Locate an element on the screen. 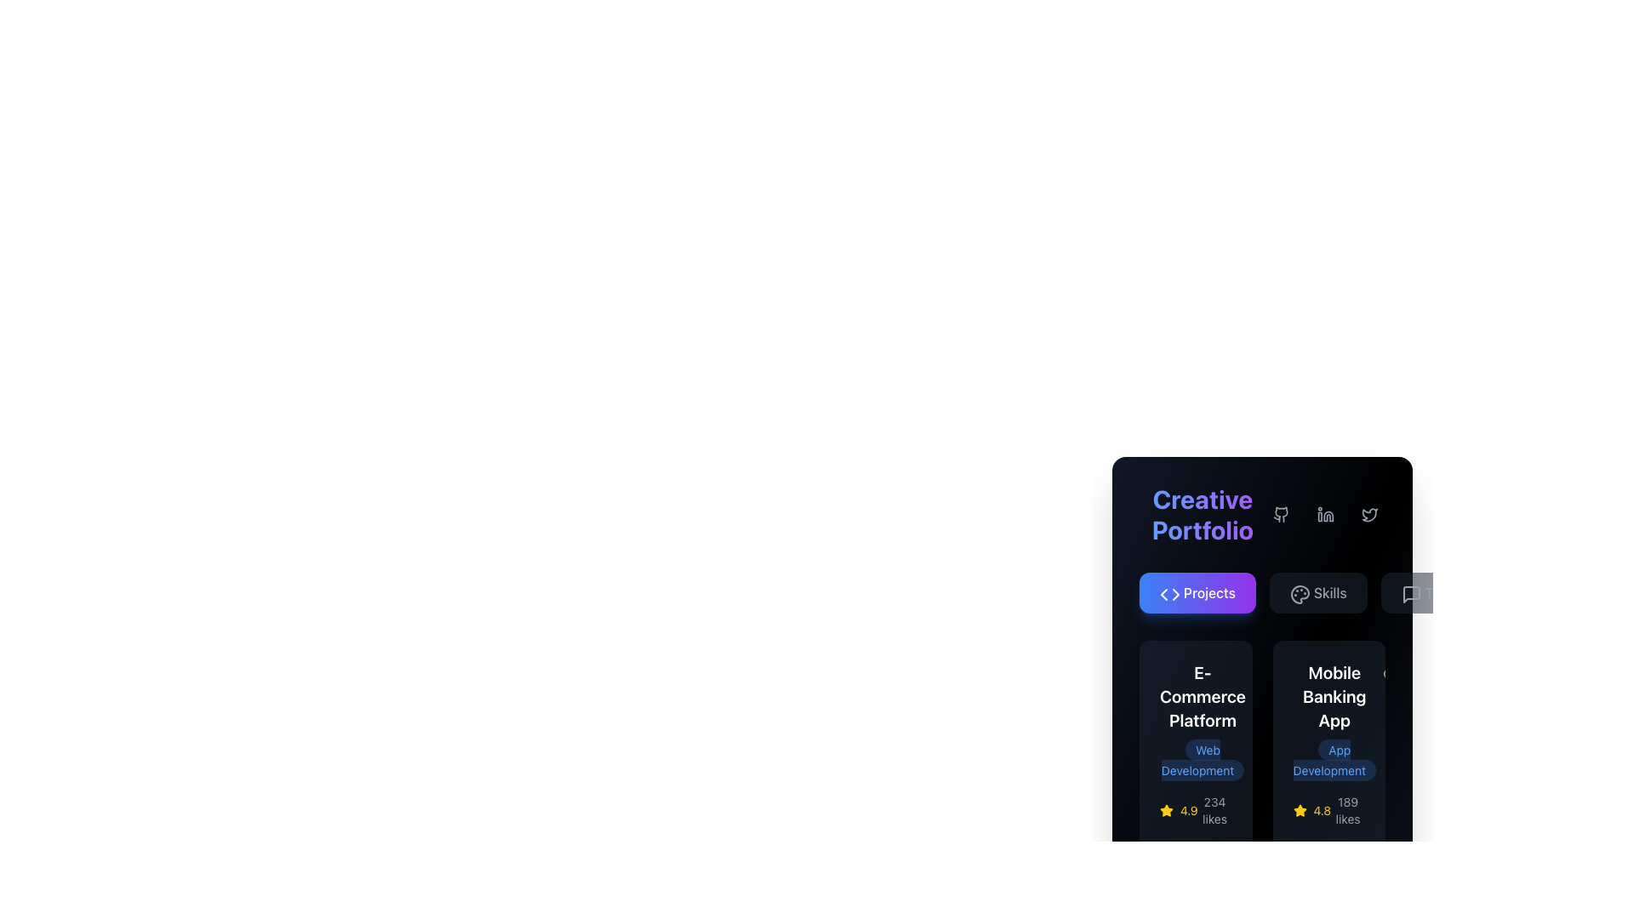 Image resolution: width=1634 pixels, height=919 pixels. the 'Skills' button, which is a rectangular button with rounded corners featuring a palette icon and light grey text, located to the right of the 'Projects' button below the 'Creative Portfolio' title is located at coordinates (1317, 592).